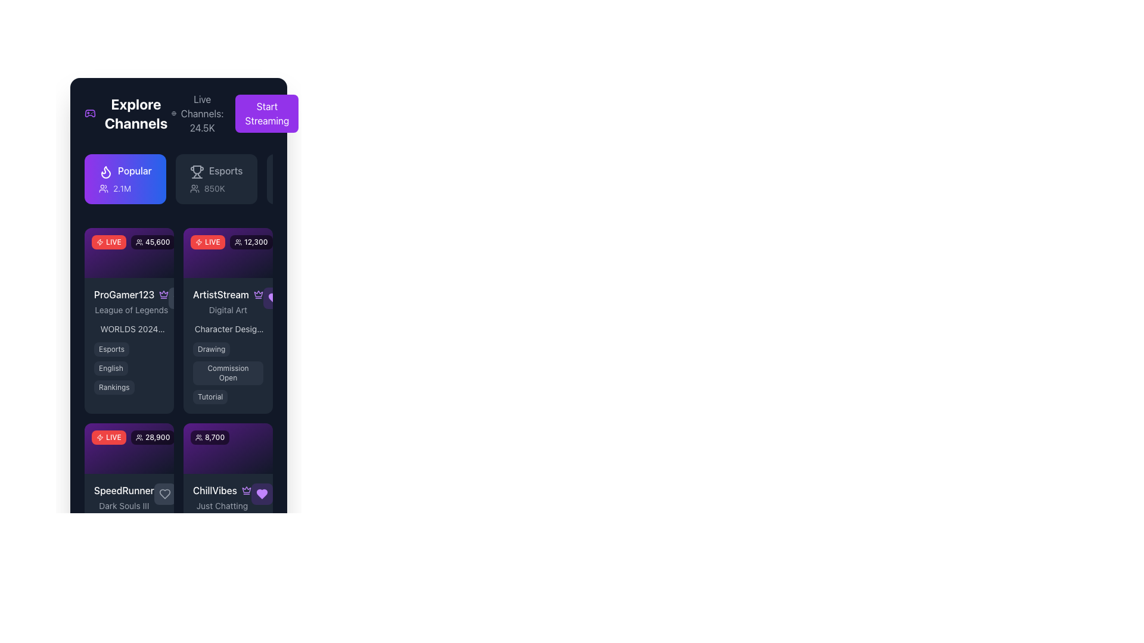 This screenshot has width=1144, height=643. What do you see at coordinates (131, 310) in the screenshot?
I see `text label displaying the game name 'League of Legends' located beneath the username 'ProGamer123' in a card-like structure` at bounding box center [131, 310].